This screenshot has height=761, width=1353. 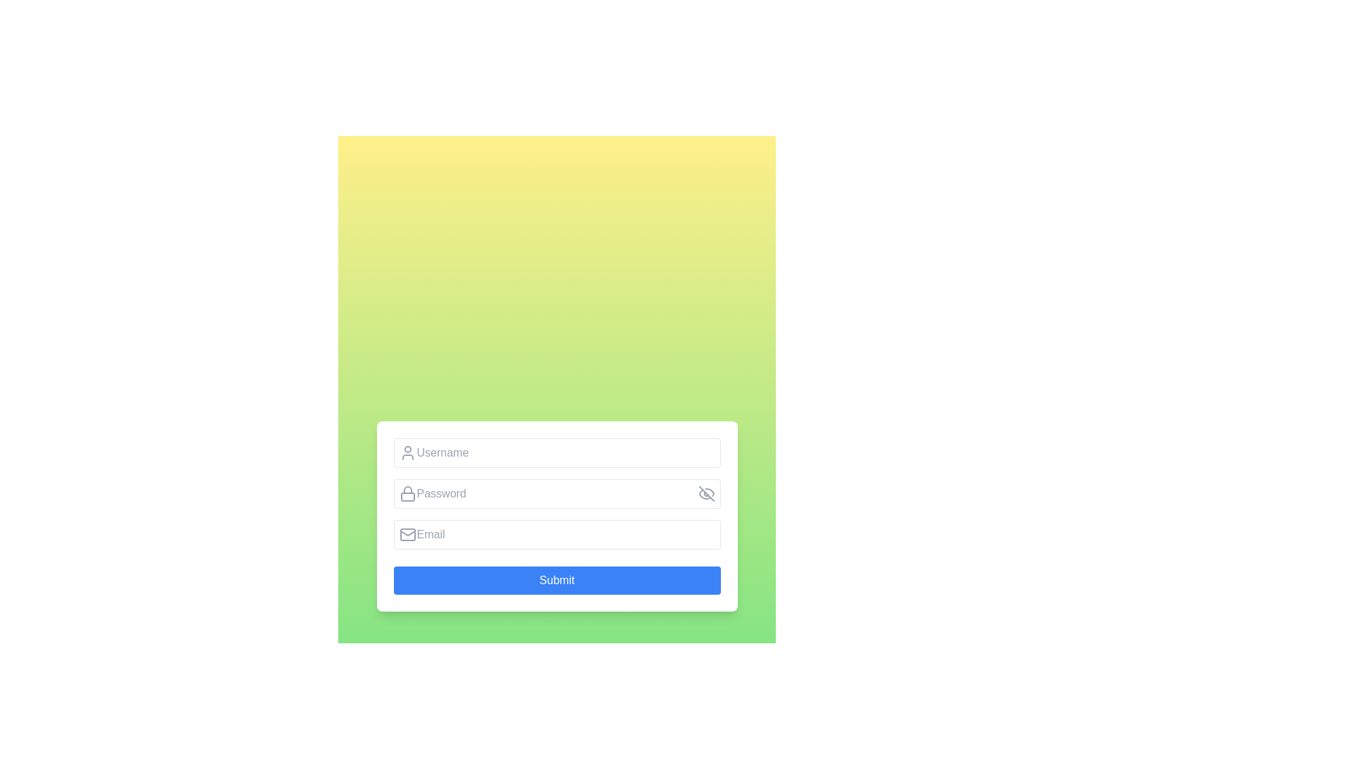 I want to click on the semi-circle arc graphic that represents the locked position in the lock icon, located above the rectangle forming the base of the lock, so click(x=407, y=489).